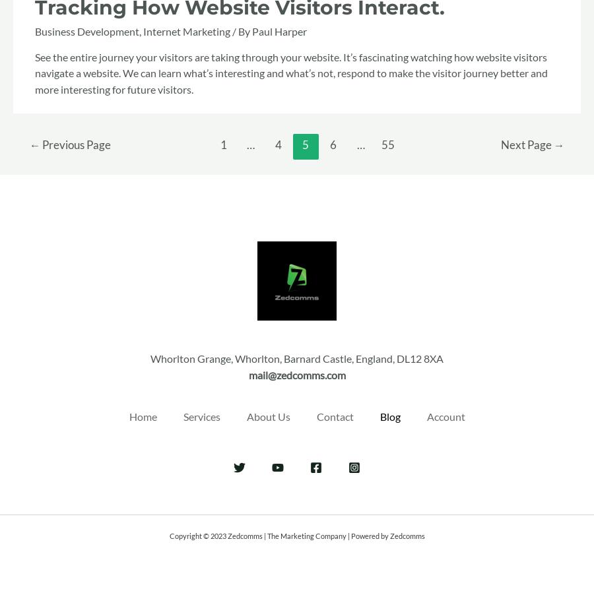 The image size is (594, 593). Describe the element at coordinates (223, 144) in the screenshot. I see `'1'` at that location.